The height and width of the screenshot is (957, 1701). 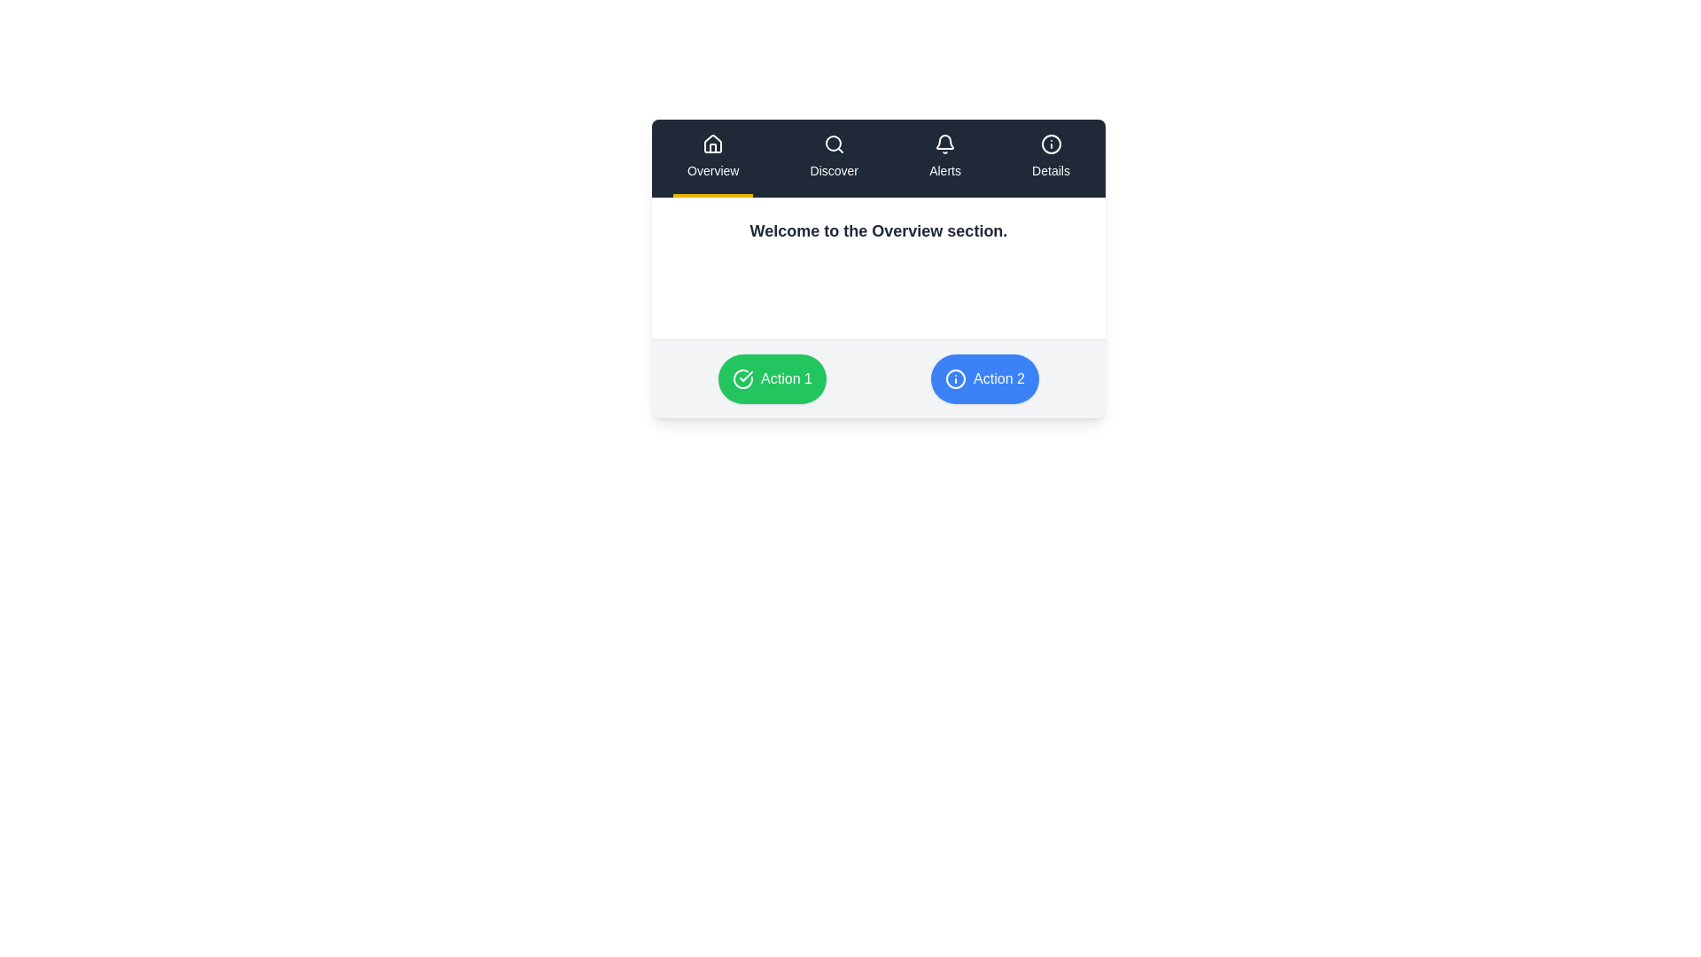 What do you see at coordinates (1051, 170) in the screenshot?
I see `the 'Details' text label located on the dark background below the info icon in the navigational bar` at bounding box center [1051, 170].